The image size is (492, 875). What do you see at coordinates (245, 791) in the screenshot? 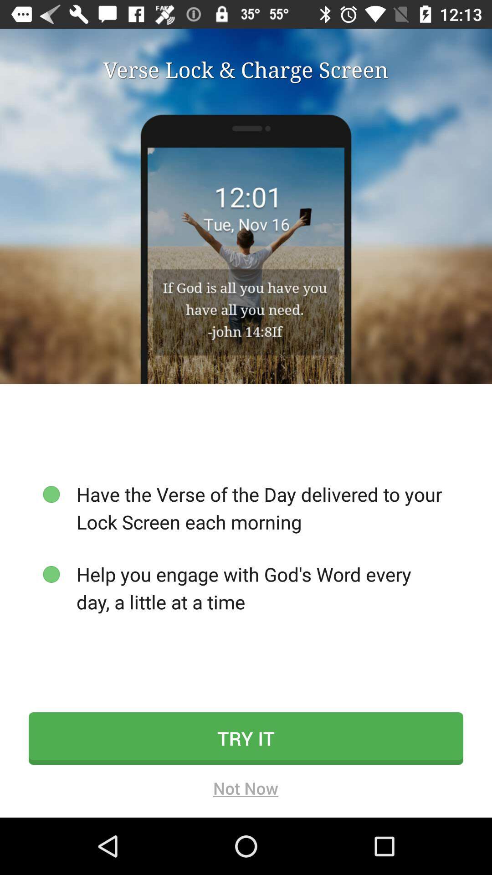
I see `the item below try it` at bounding box center [245, 791].